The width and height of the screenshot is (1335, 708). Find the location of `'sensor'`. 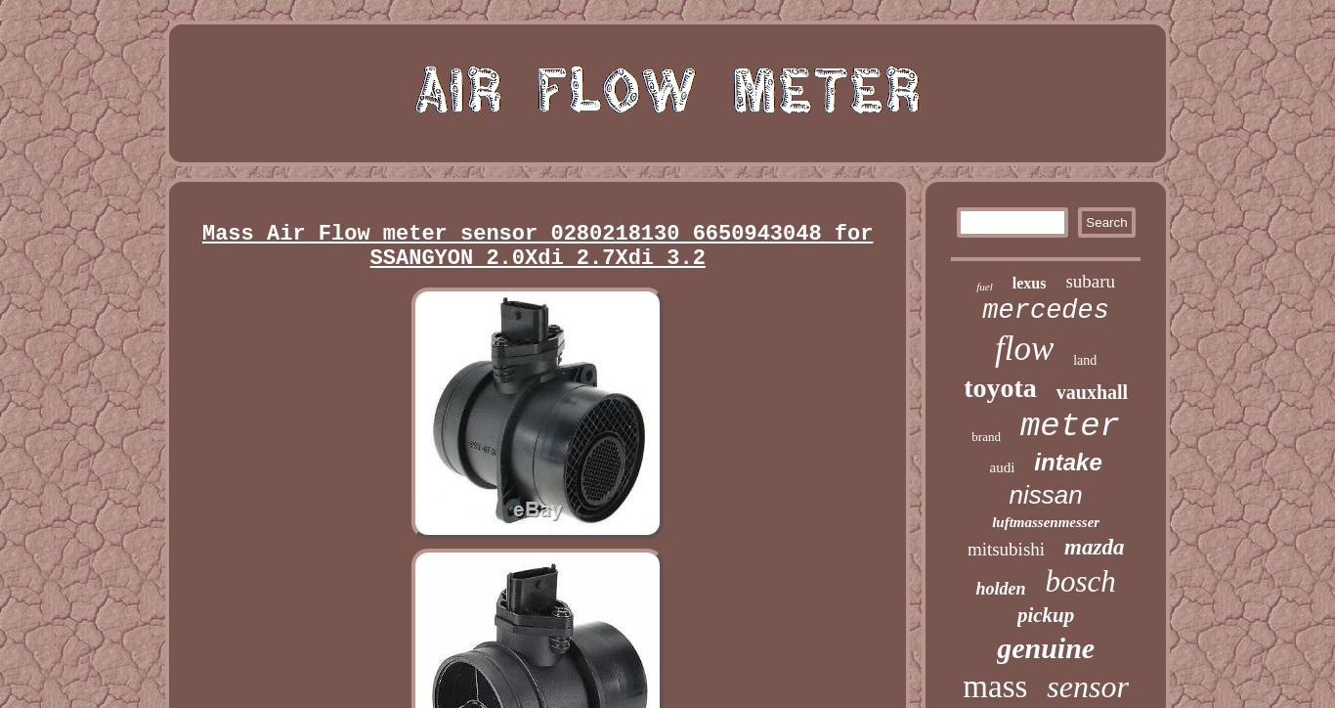

'sensor' is located at coordinates (1086, 685).